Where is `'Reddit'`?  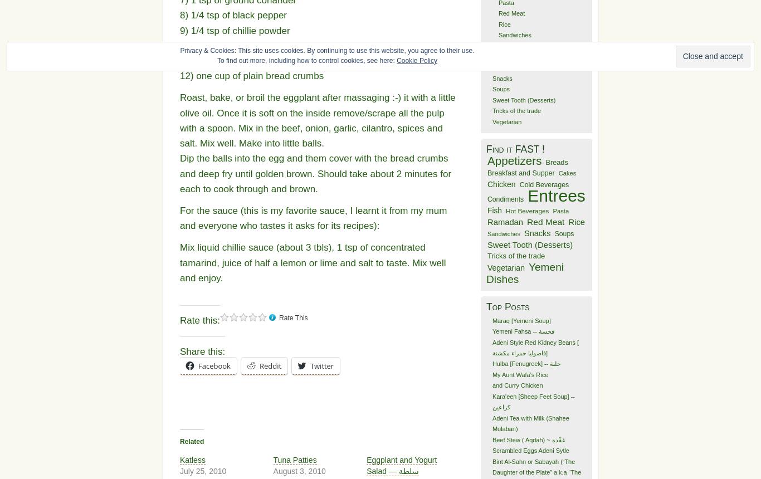 'Reddit' is located at coordinates (258, 365).